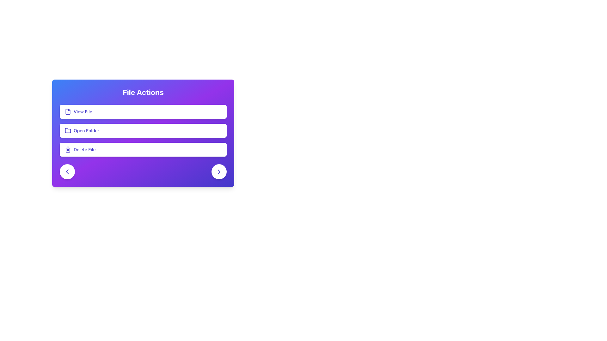 This screenshot has width=607, height=341. What do you see at coordinates (219, 171) in the screenshot?
I see `the small chevron-shaped arrow icon button, which is styled with blue color and` at bounding box center [219, 171].